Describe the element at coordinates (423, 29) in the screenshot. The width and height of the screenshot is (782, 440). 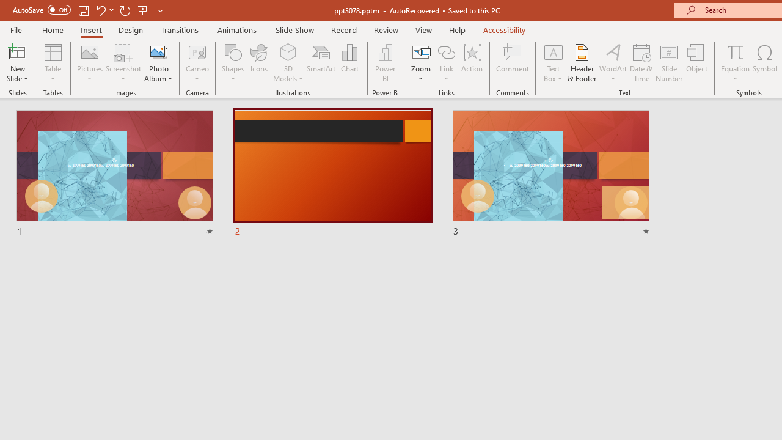
I see `'View'` at that location.